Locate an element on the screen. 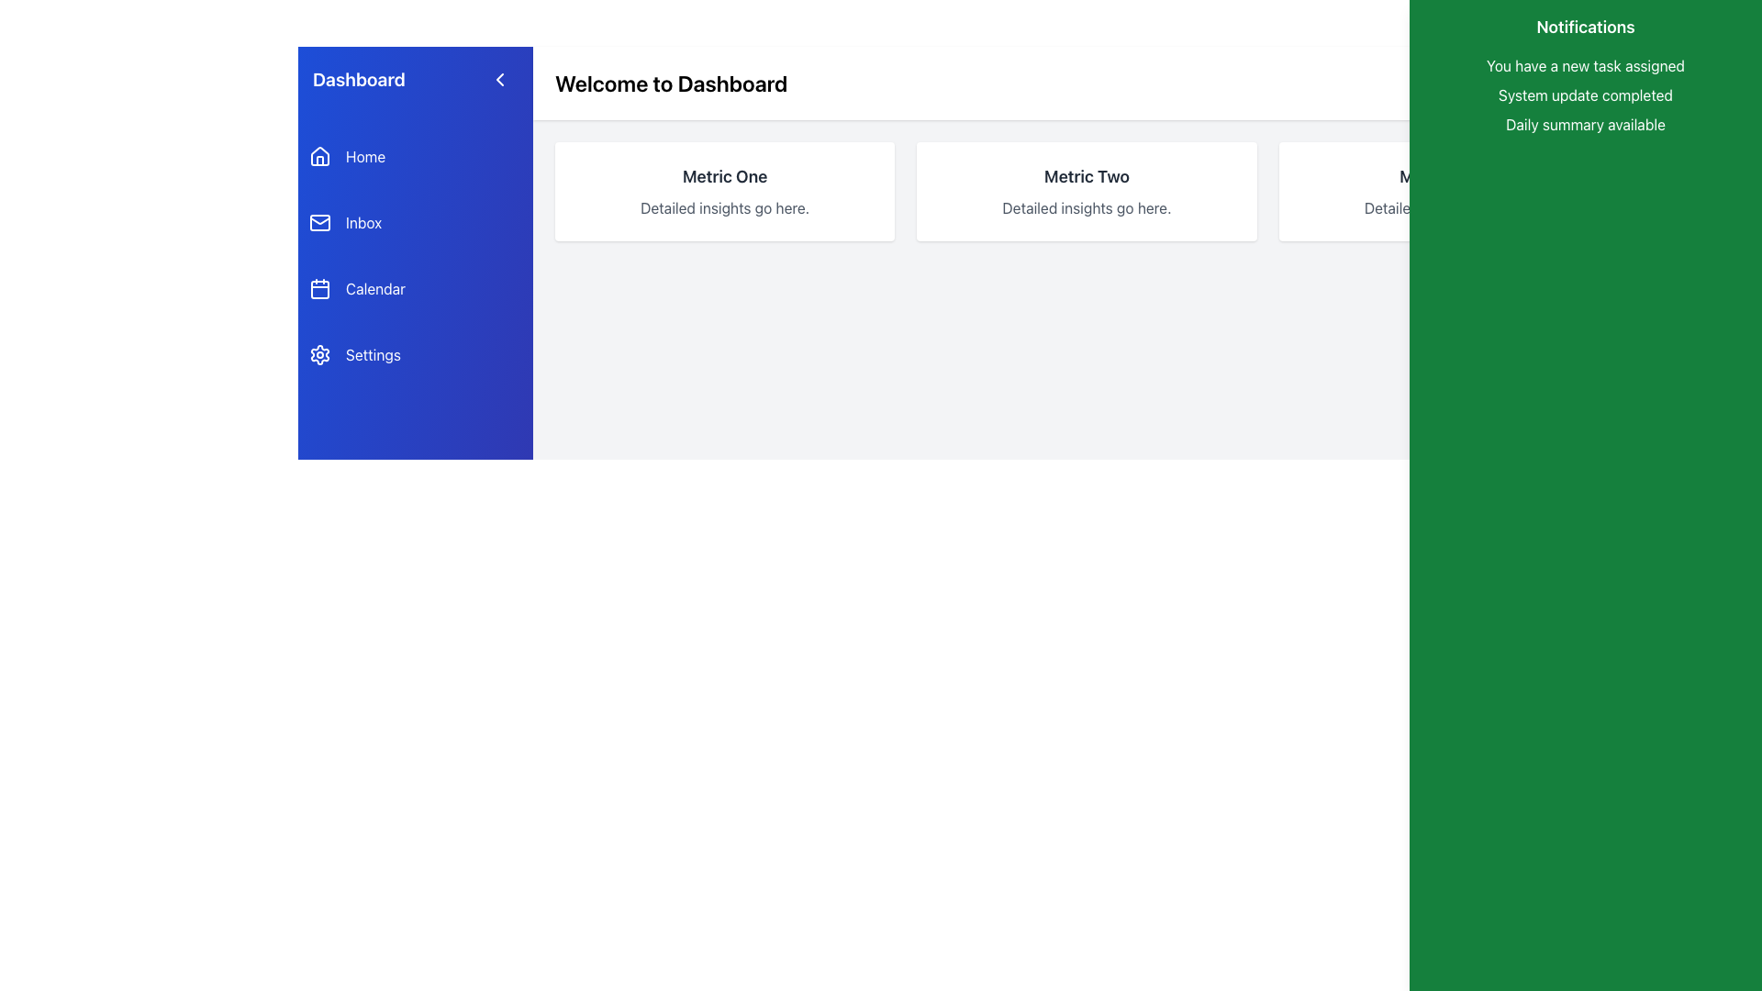 The height and width of the screenshot is (991, 1762). the zigzag-shaped line that represents the envelope flap within the envelope icon adjacent to the 'Inbox' text in the left sidebar menu is located at coordinates (320, 218).